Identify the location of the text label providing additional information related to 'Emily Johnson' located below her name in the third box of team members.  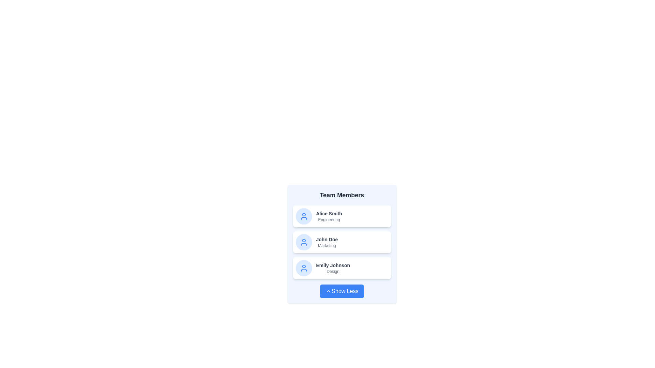
(333, 271).